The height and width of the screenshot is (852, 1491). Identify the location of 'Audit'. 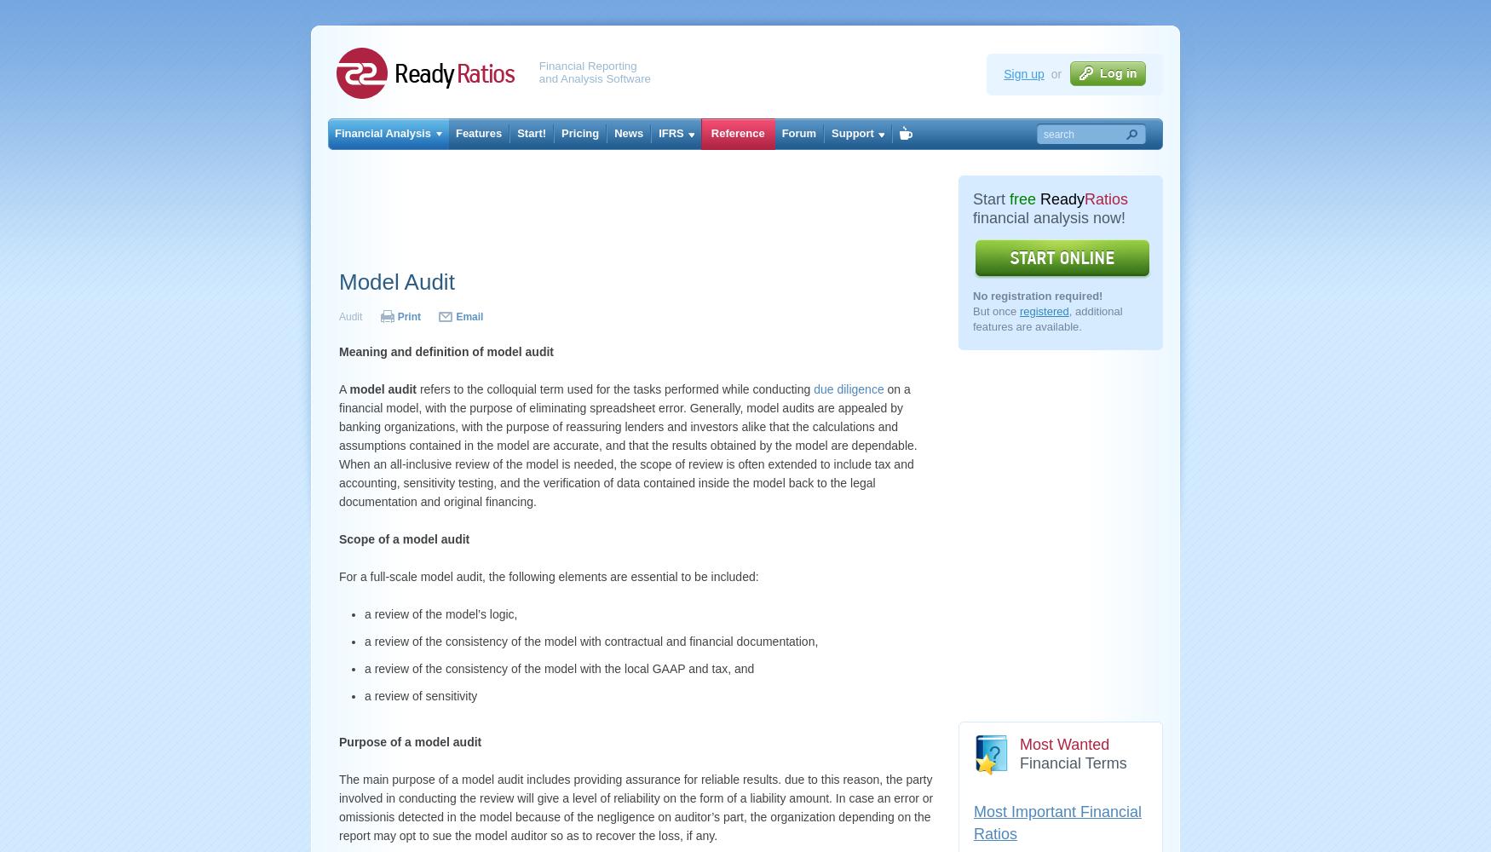
(351, 316).